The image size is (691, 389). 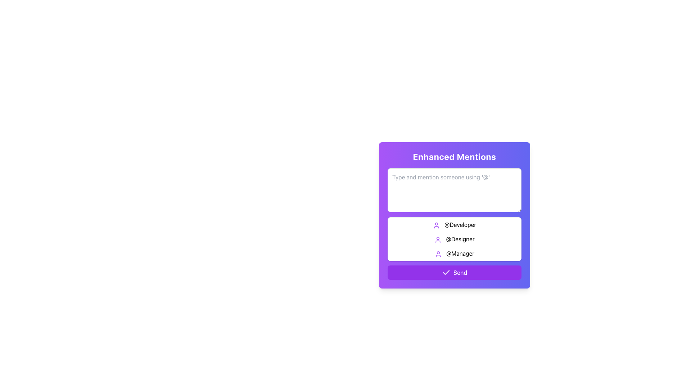 I want to click on the mentionable user or role 'Manager' in the 'Enhanced Mentions' dropdown list, so click(x=454, y=253).